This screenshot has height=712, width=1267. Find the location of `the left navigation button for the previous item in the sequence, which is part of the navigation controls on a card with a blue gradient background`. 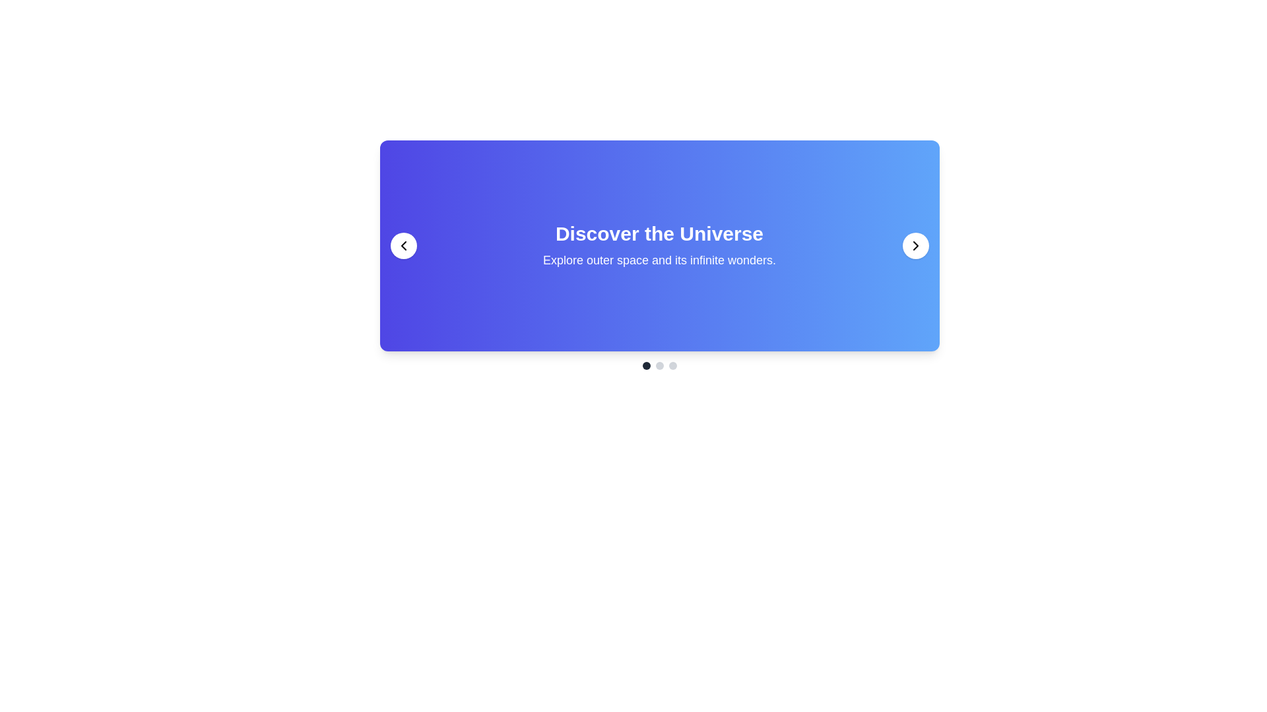

the left navigation button for the previous item in the sequence, which is part of the navigation controls on a card with a blue gradient background is located at coordinates (403, 246).